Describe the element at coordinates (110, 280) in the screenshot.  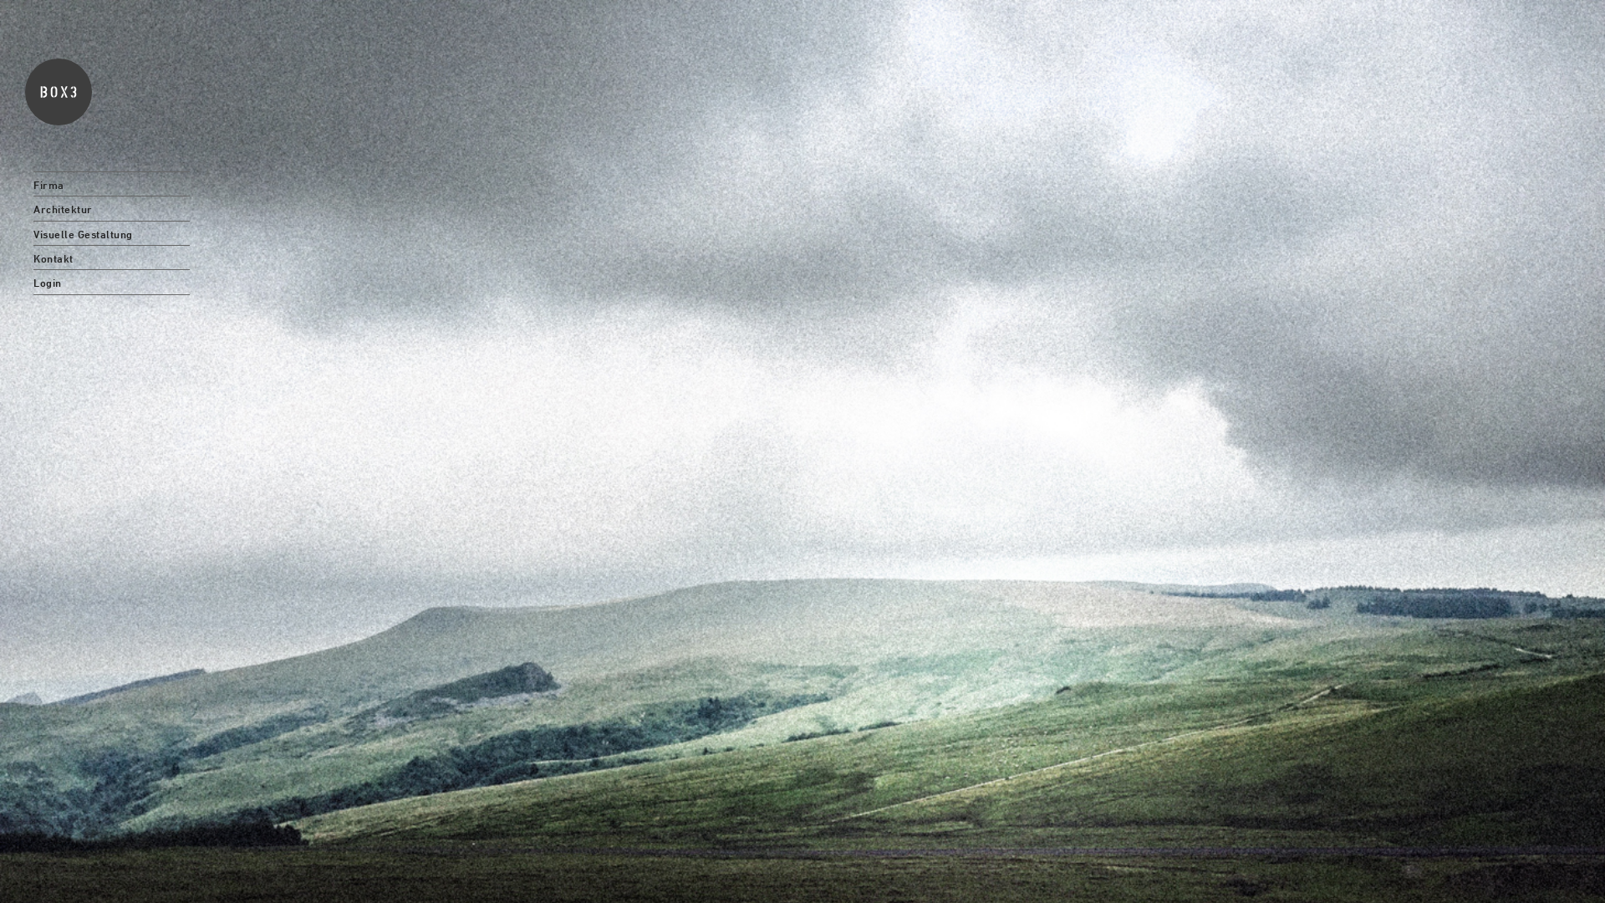
I see `'Login'` at that location.